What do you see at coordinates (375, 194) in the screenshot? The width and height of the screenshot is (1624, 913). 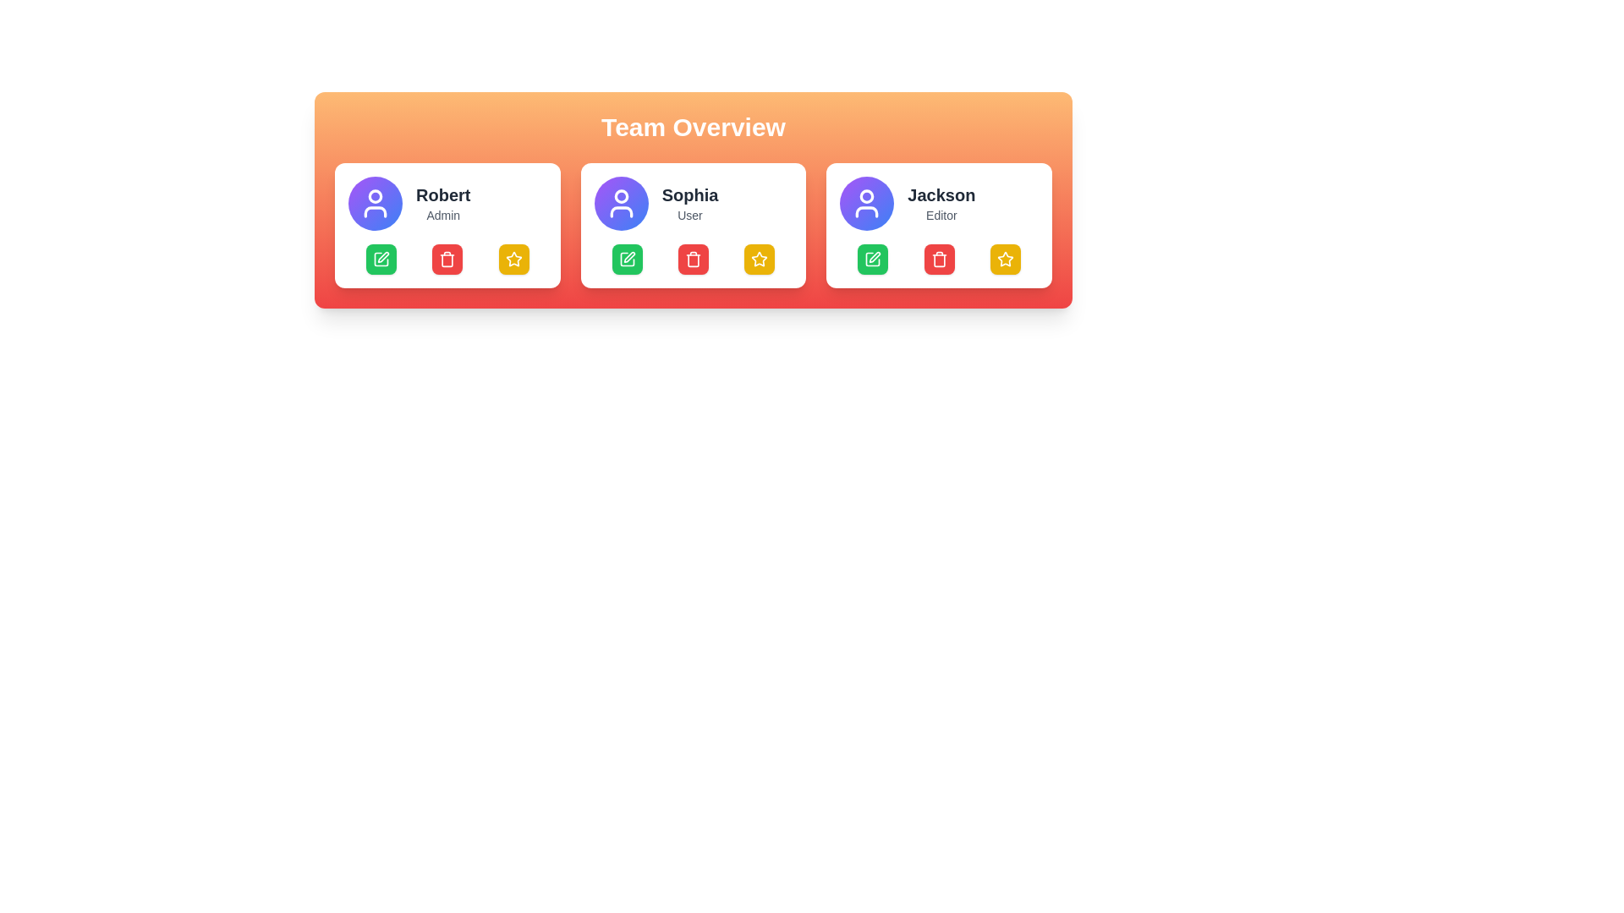 I see `the 'head' portion of the user icon represented by the SVG Circle, located in the top section of the leftmost card in the horizontal team overview layout` at bounding box center [375, 194].